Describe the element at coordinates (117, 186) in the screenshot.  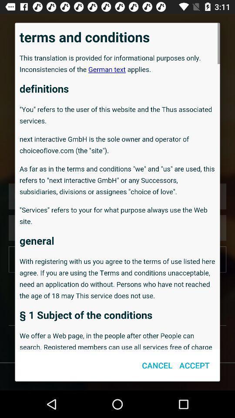
I see `advertisement` at that location.